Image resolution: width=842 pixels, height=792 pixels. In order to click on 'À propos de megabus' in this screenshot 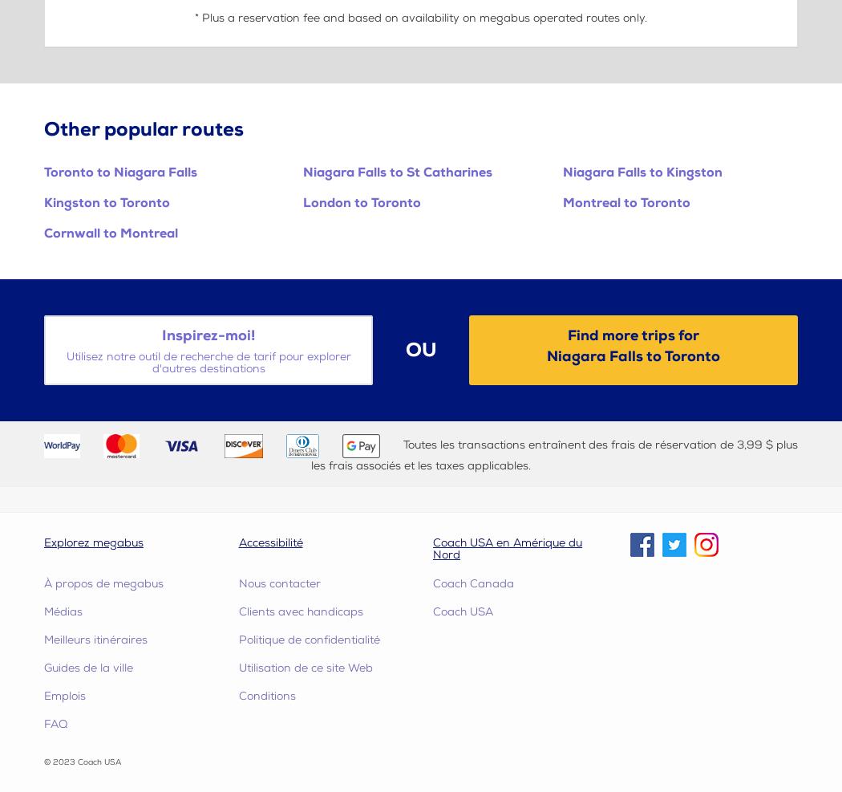, I will do `click(103, 582)`.